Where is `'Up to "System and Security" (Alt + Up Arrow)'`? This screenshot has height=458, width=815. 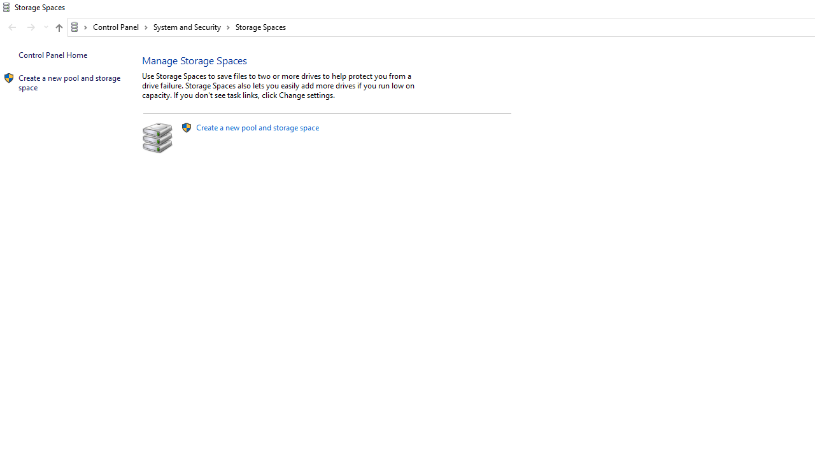
'Up to "System and Security" (Alt + Up Arrow)' is located at coordinates (58, 27).